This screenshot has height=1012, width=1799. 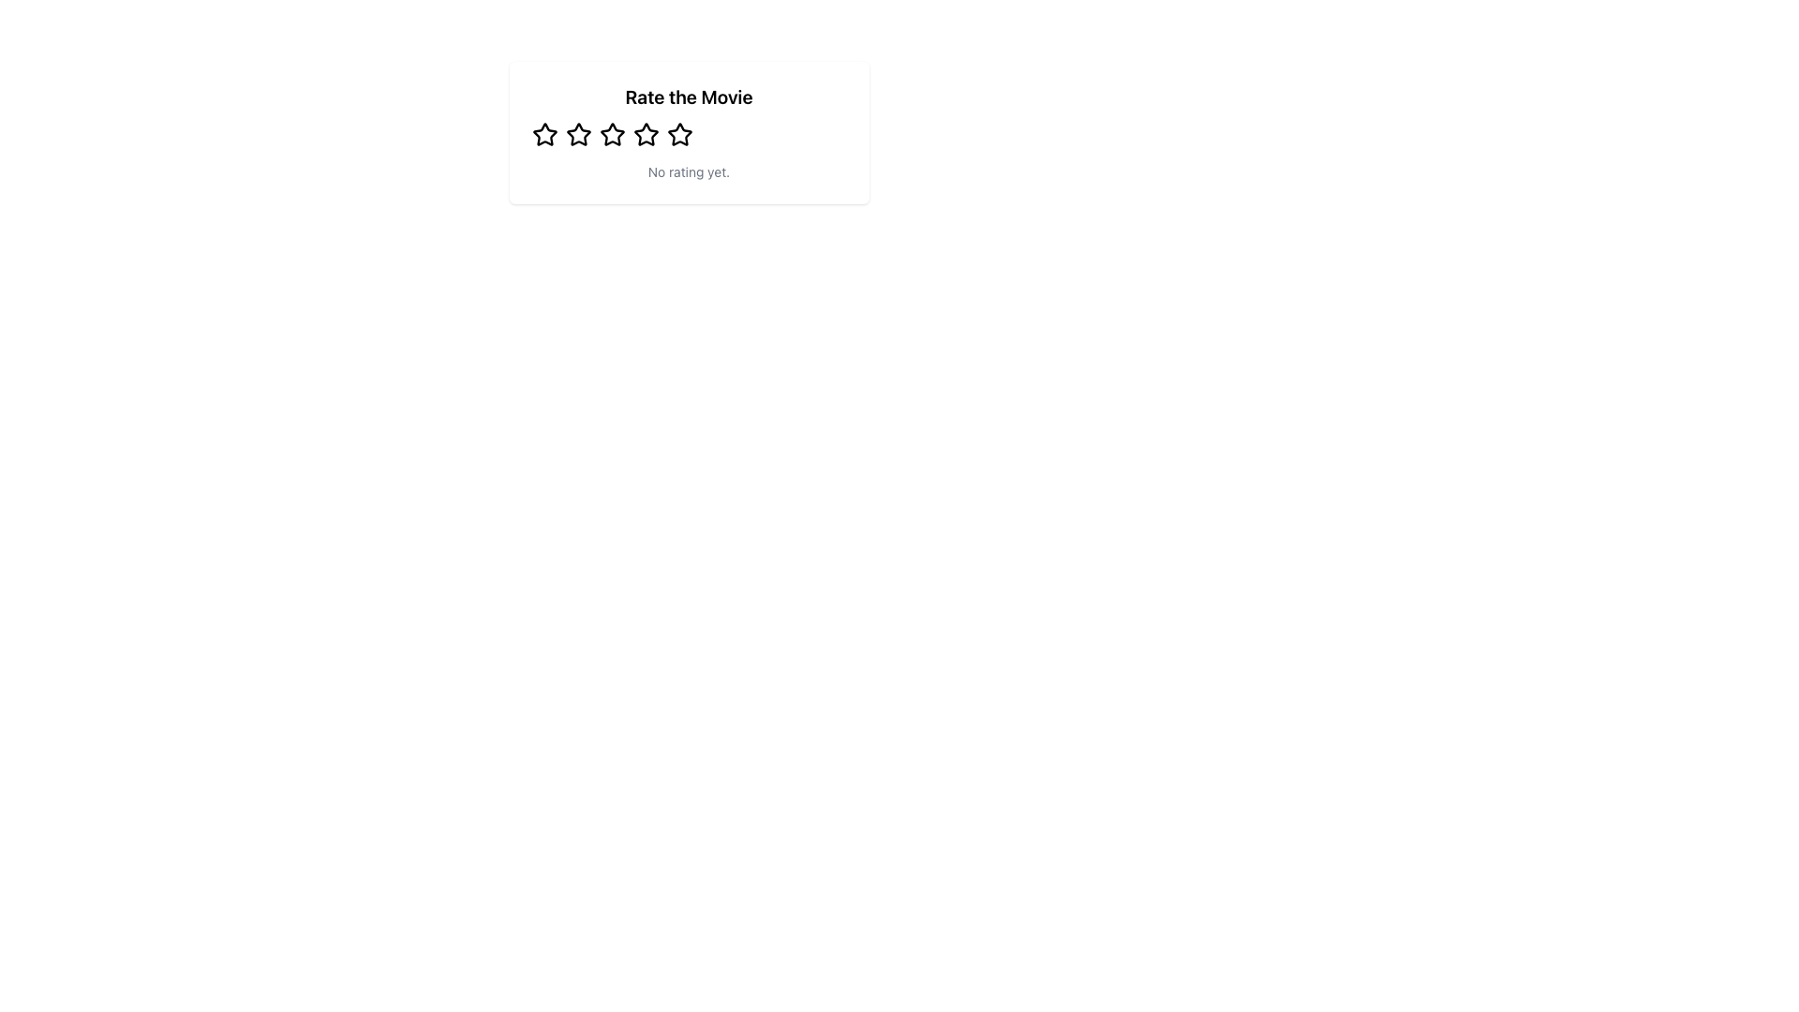 What do you see at coordinates (543, 133) in the screenshot?
I see `the first star icon used for rating under the heading 'Rate the Movie'` at bounding box center [543, 133].